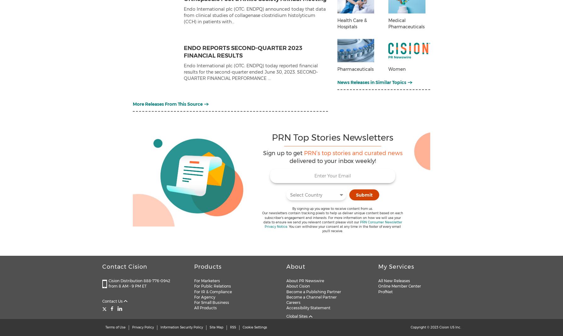 This screenshot has height=336, width=563. What do you see at coordinates (139, 280) in the screenshot?
I see `'Cision Distribution 888-776-0942'` at bounding box center [139, 280].